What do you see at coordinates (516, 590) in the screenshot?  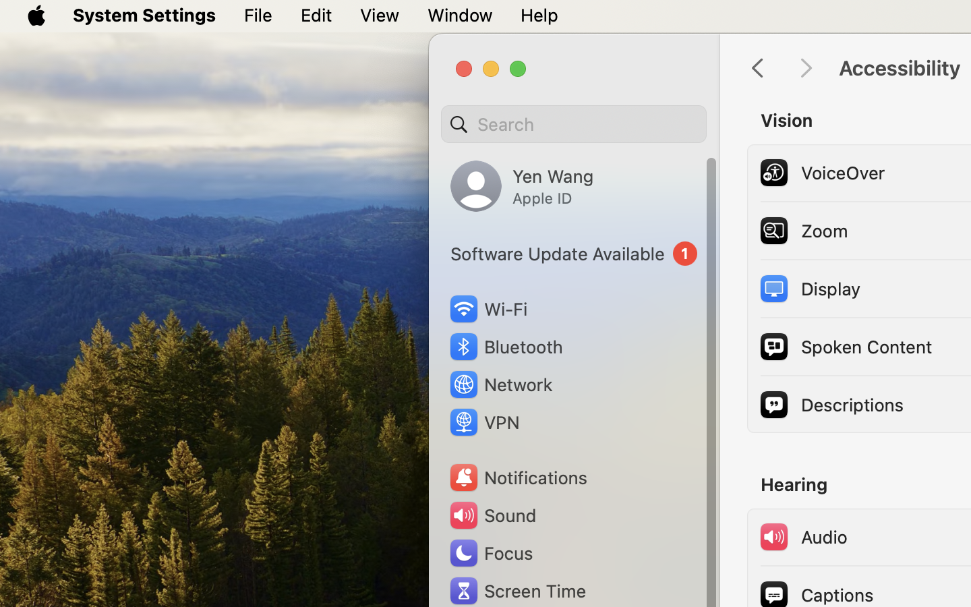 I see `'Screen Time'` at bounding box center [516, 590].